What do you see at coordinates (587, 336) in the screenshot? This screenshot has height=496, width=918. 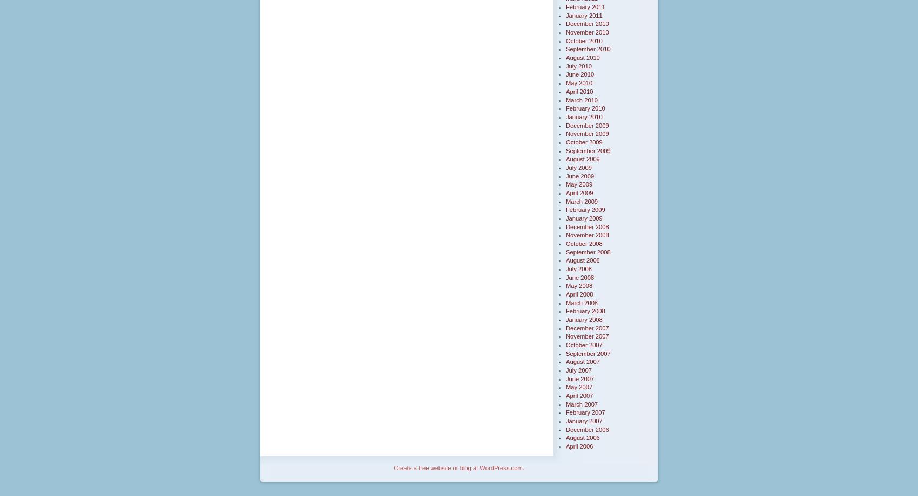 I see `'November 2007'` at bounding box center [587, 336].